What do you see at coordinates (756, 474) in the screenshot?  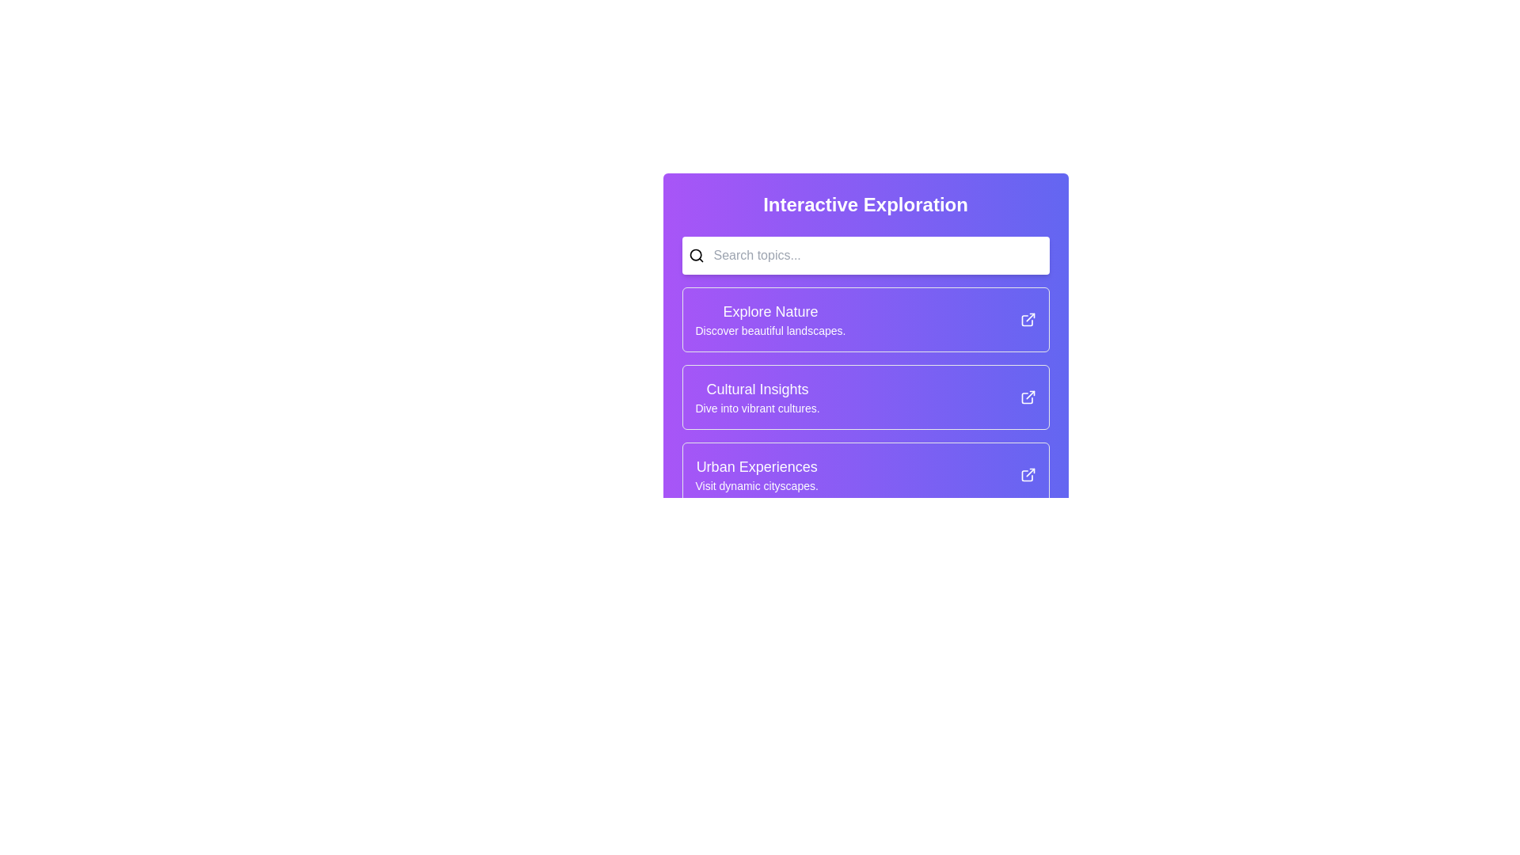 I see `the 'Urban Experiences' text label with link` at bounding box center [756, 474].